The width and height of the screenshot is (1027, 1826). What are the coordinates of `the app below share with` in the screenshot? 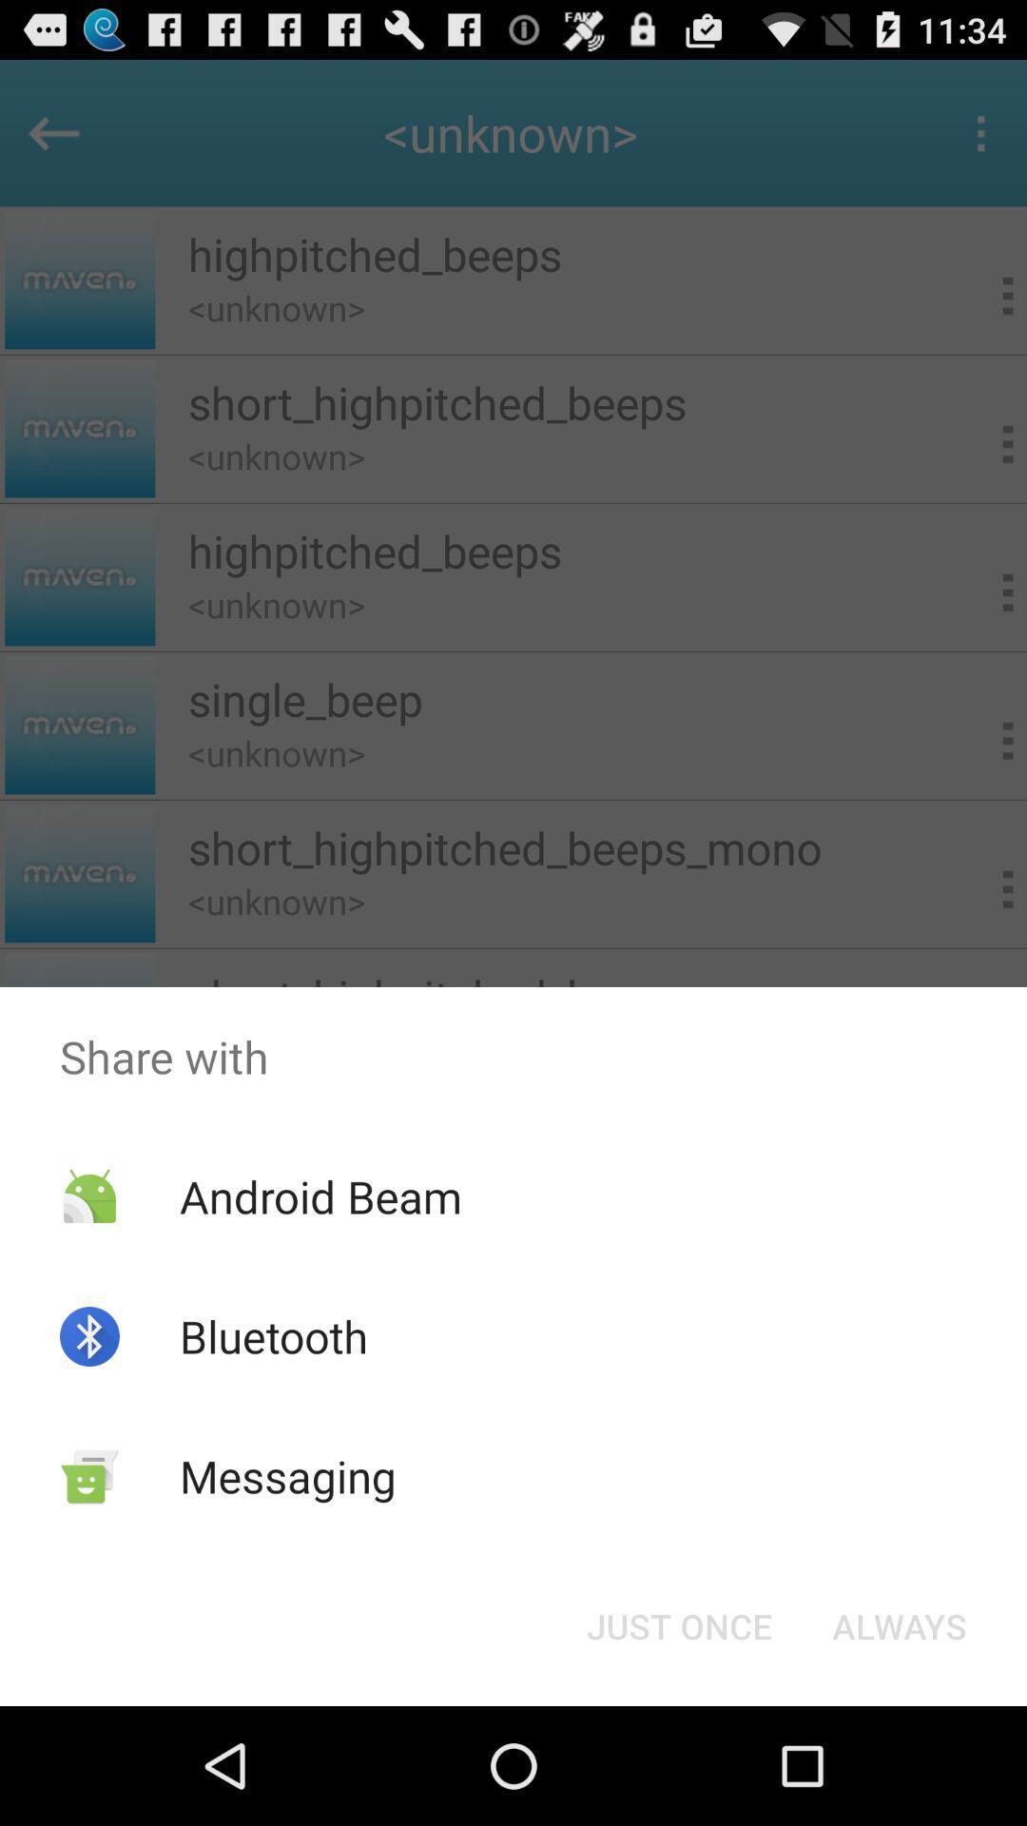 It's located at (678, 1624).